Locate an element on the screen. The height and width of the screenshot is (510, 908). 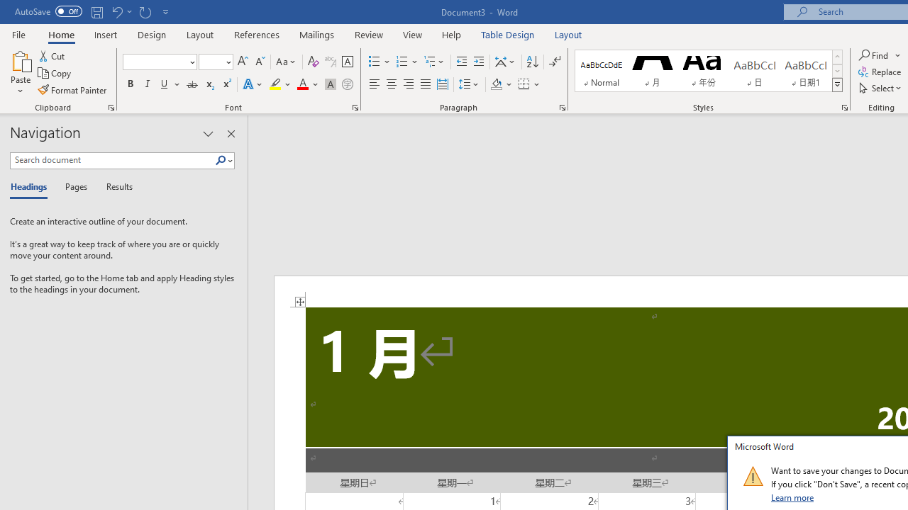
'Office Clipboard...' is located at coordinates (110, 106).